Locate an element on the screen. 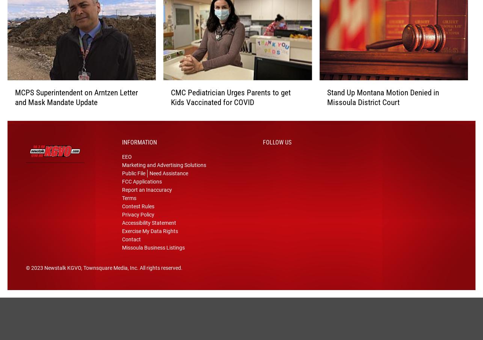 This screenshot has width=483, height=340. 'FCC Applications' is located at coordinates (141, 191).